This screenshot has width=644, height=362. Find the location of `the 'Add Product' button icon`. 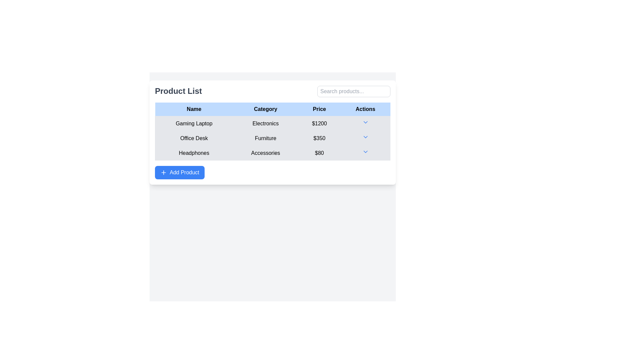

the 'Add Product' button icon is located at coordinates (164, 172).